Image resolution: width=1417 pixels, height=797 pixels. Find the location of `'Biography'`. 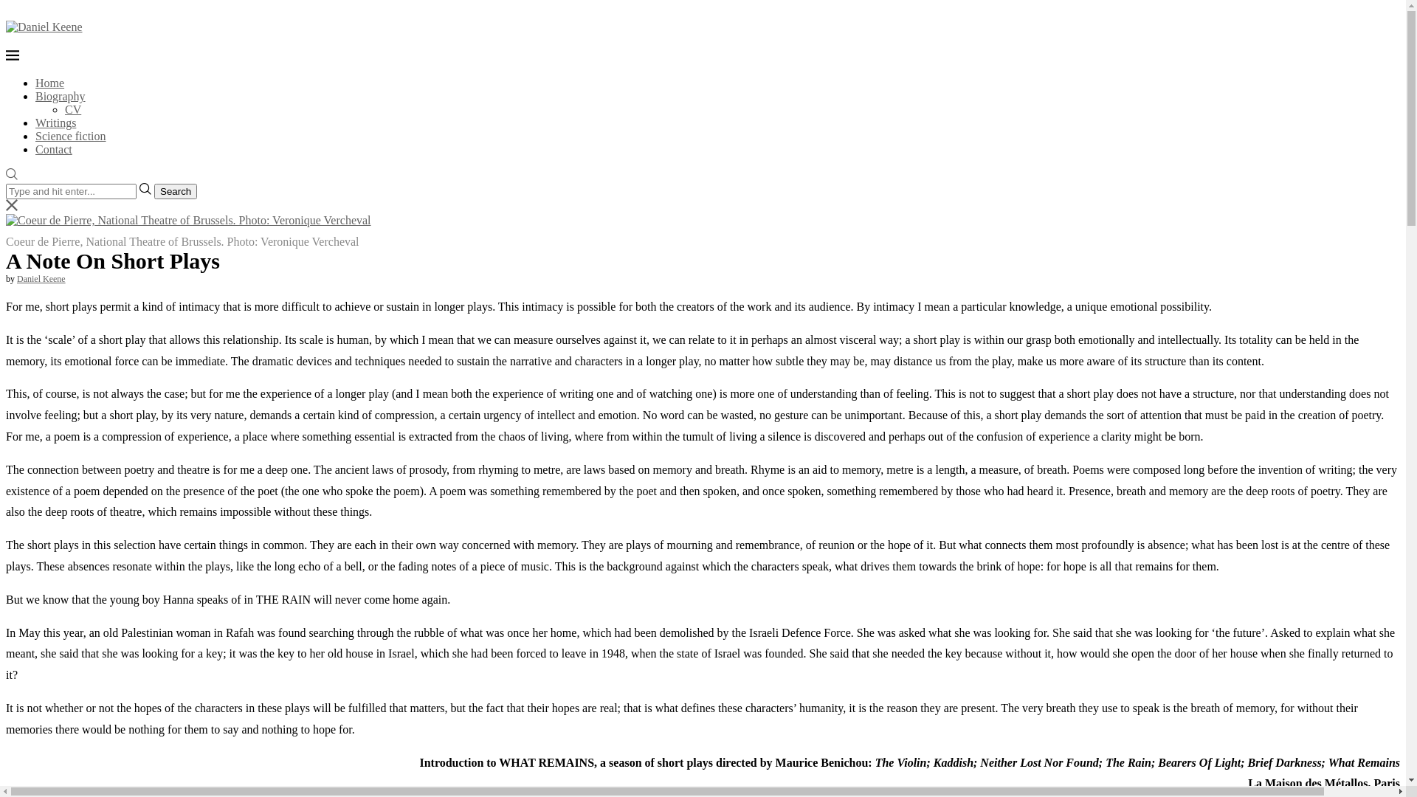

'Biography' is located at coordinates (59, 96).